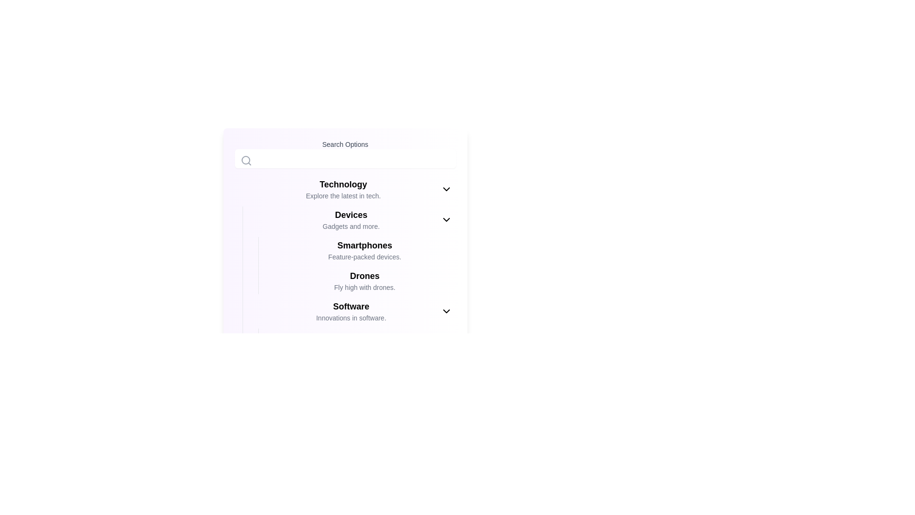 The height and width of the screenshot is (515, 915). What do you see at coordinates (351, 226) in the screenshot?
I see `the descriptive subtitle label for the 'Devices' category, which is positioned beneath the 'Technology' header and above the subsection headings` at bounding box center [351, 226].